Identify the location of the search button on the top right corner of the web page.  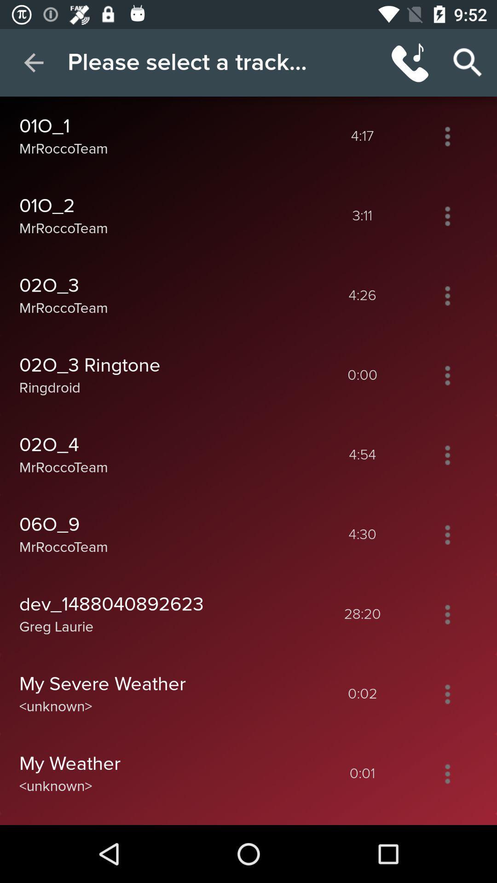
(468, 63).